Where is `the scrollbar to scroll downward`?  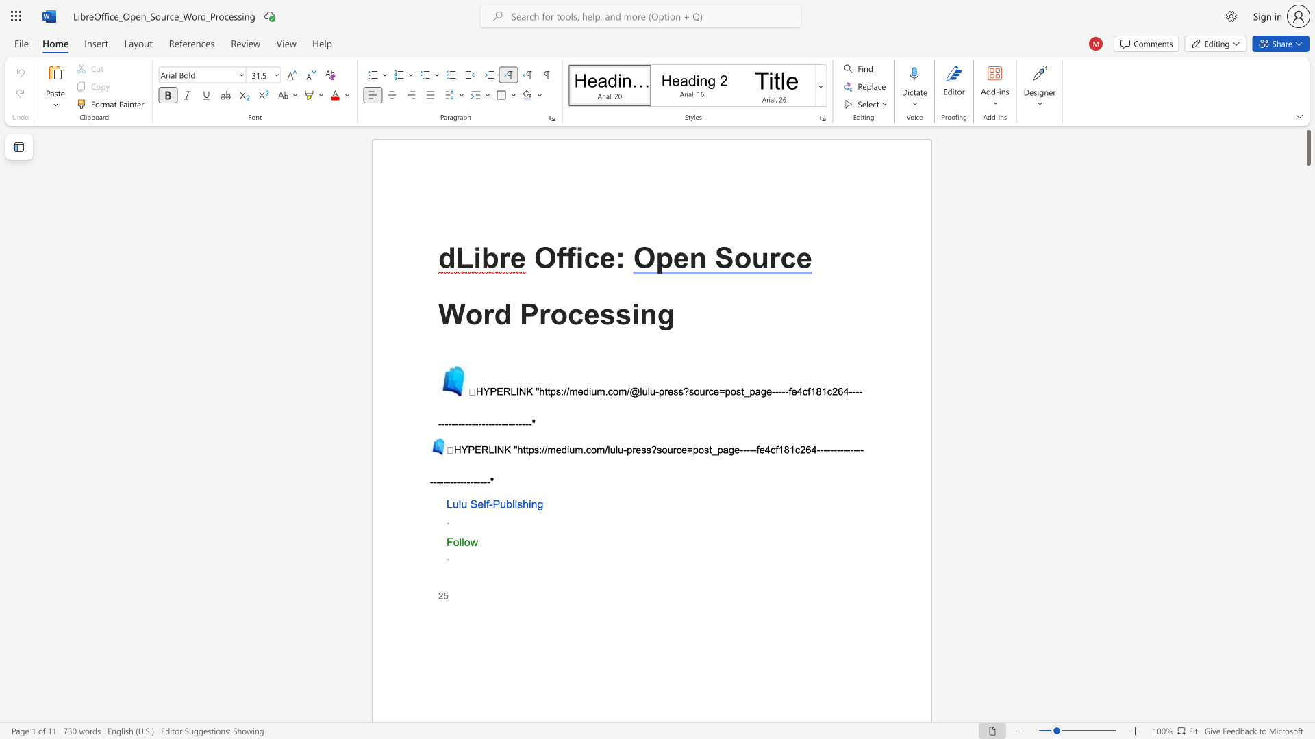
the scrollbar to scroll downward is located at coordinates (1307, 630).